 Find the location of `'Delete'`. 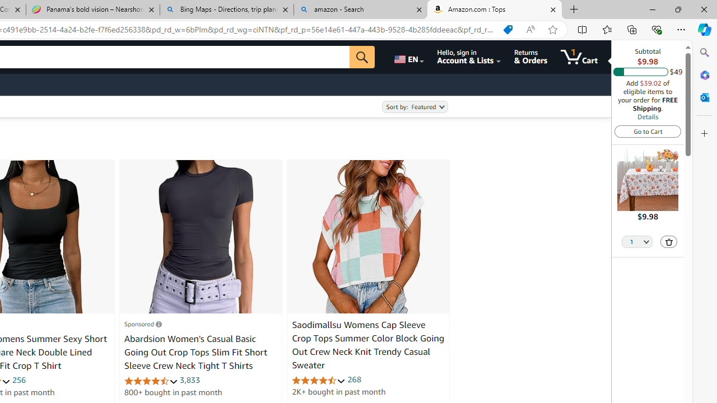

'Delete' is located at coordinates (669, 241).